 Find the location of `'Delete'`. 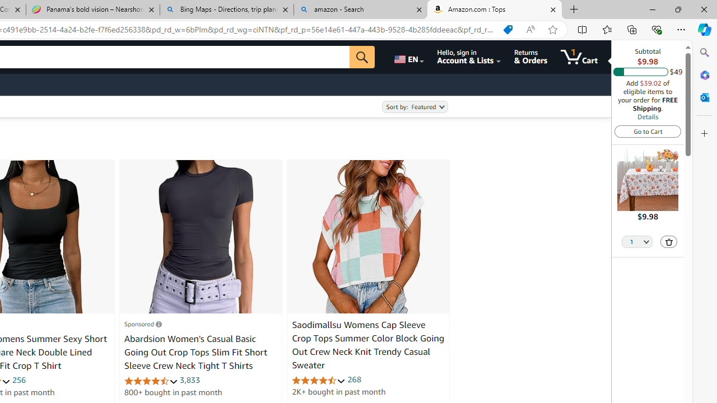

'Delete' is located at coordinates (669, 241).